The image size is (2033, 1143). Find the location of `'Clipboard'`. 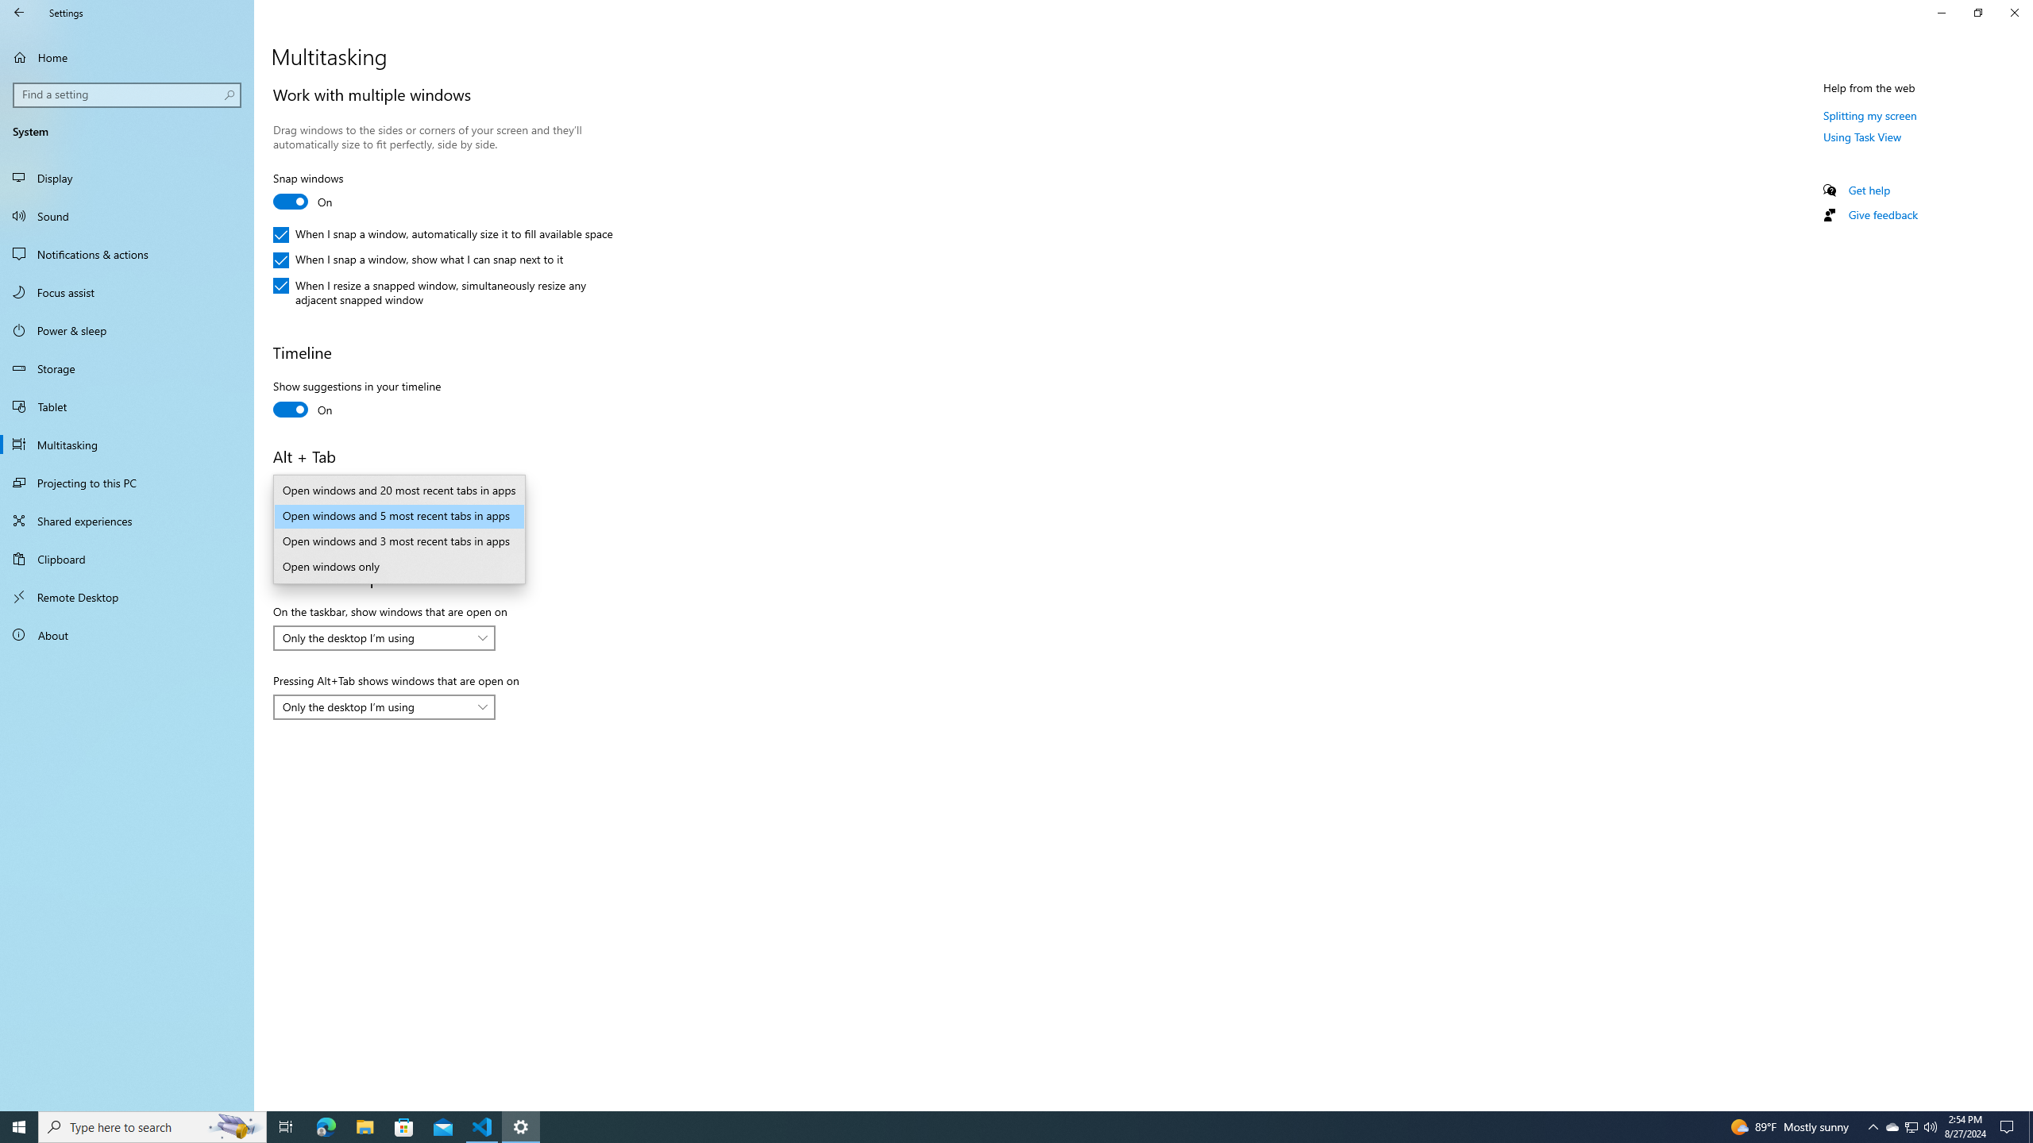

'Clipboard' is located at coordinates (126, 559).